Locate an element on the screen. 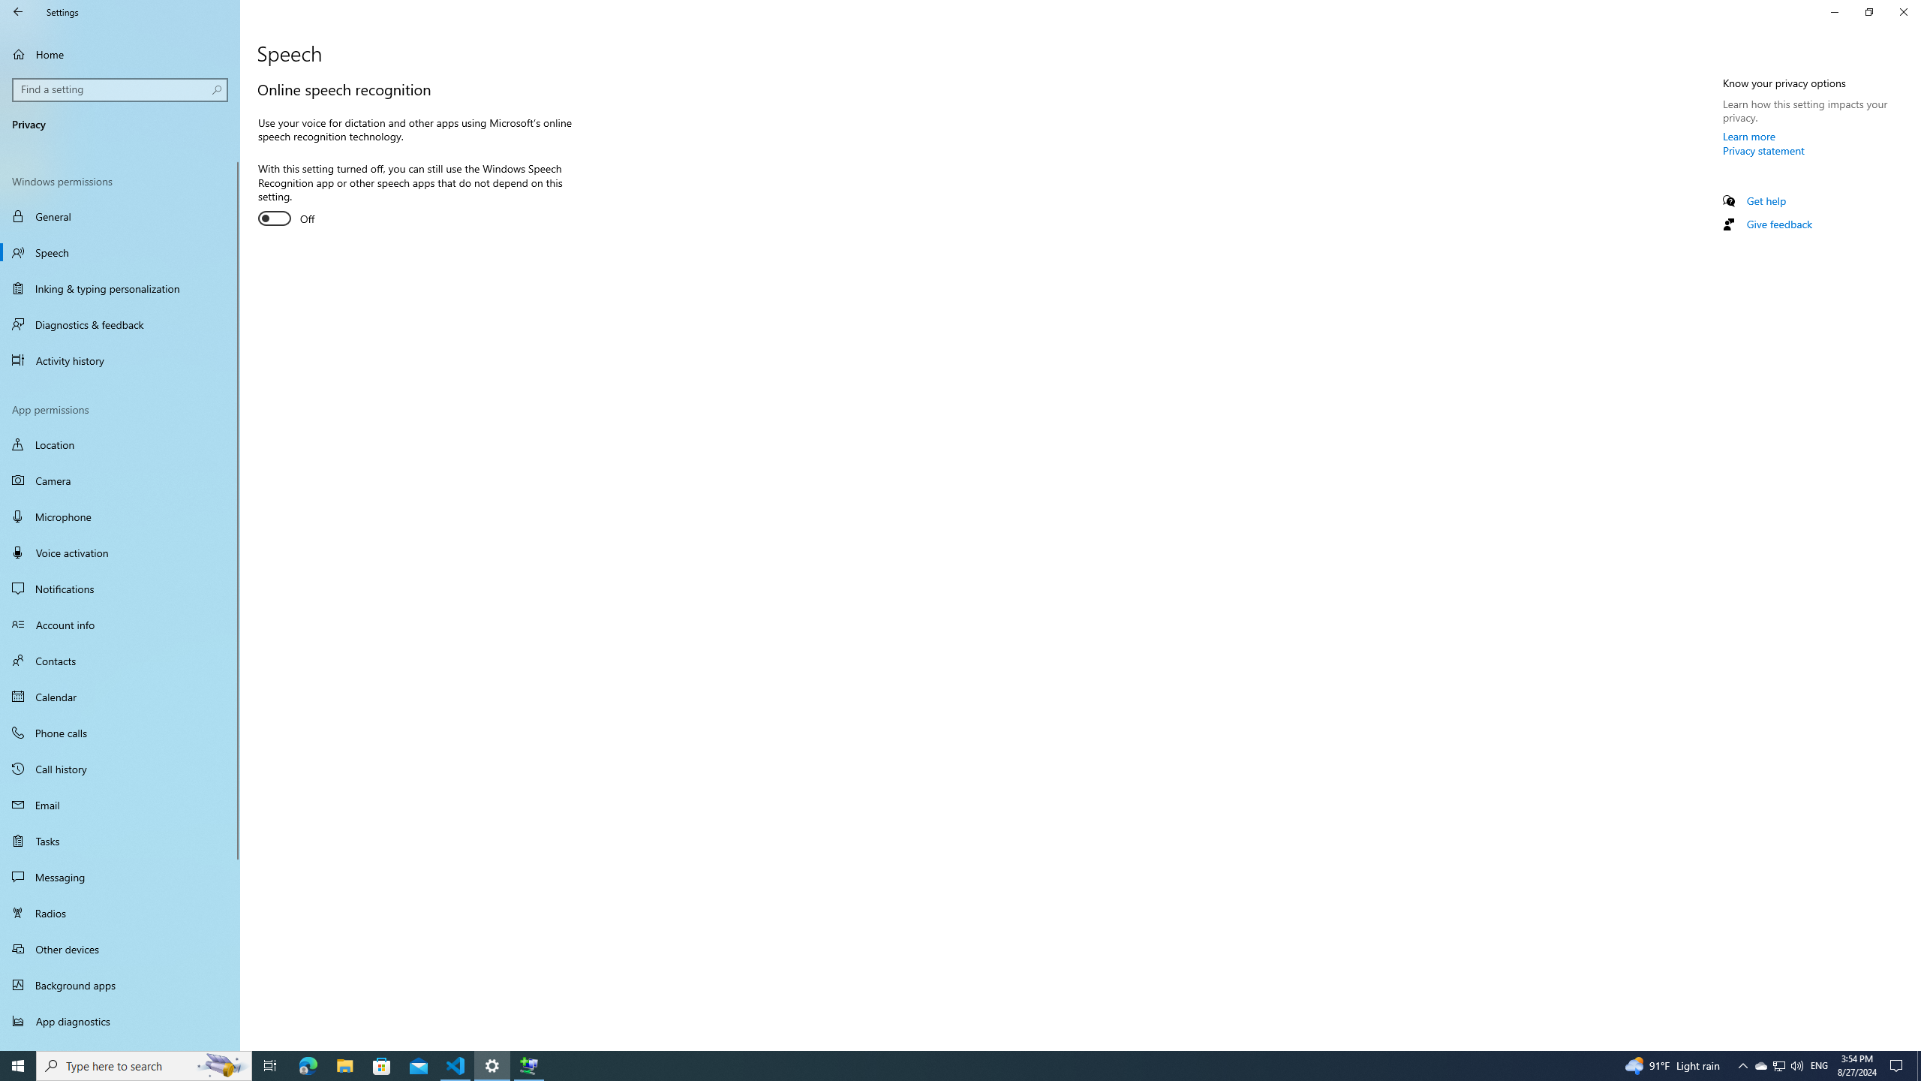  'Phone calls' is located at coordinates (119, 731).